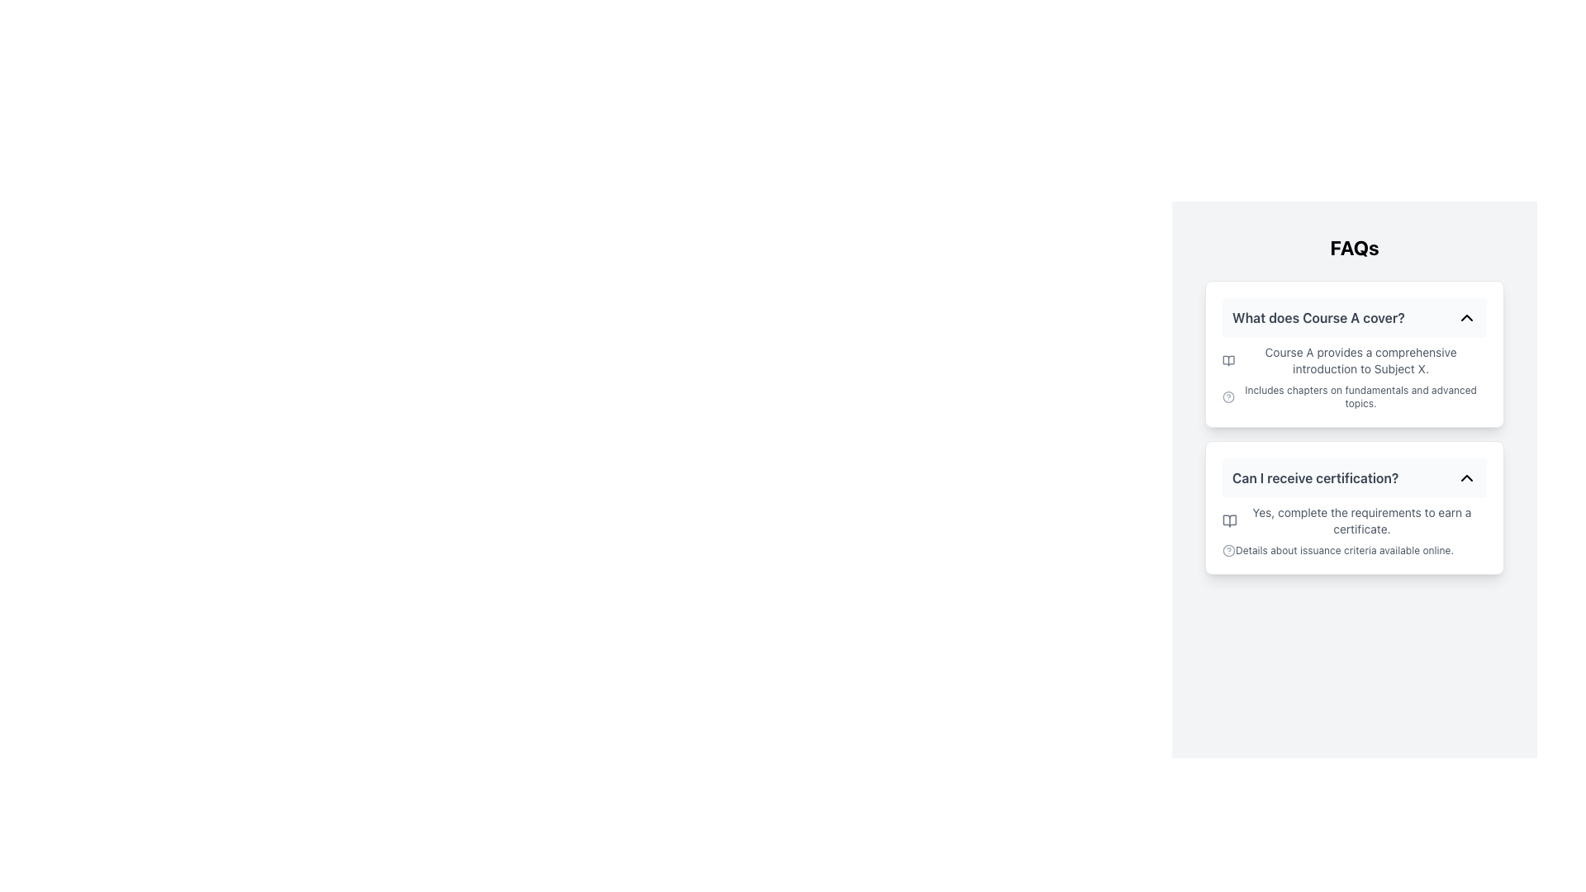 Image resolution: width=1586 pixels, height=892 pixels. What do you see at coordinates (1355, 531) in the screenshot?
I see `the Text Block with Icon that provides explanatory text regarding certification requirements, located in the FAQ section below the title 'Can I receive certification?'` at bounding box center [1355, 531].